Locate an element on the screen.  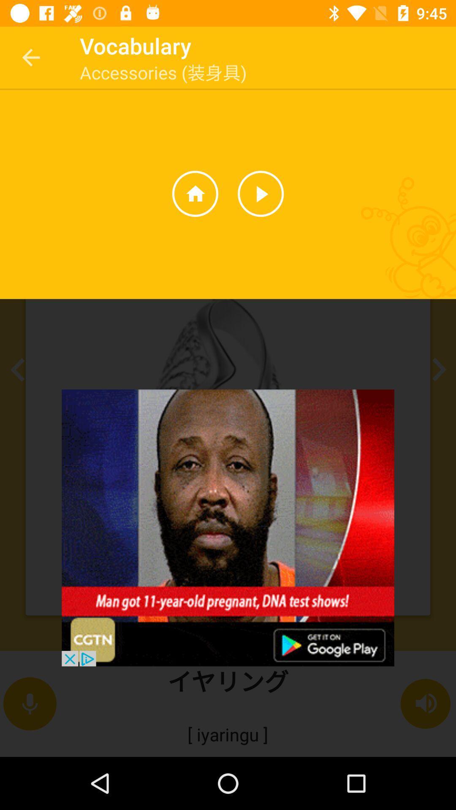
the home icon is located at coordinates (195, 193).